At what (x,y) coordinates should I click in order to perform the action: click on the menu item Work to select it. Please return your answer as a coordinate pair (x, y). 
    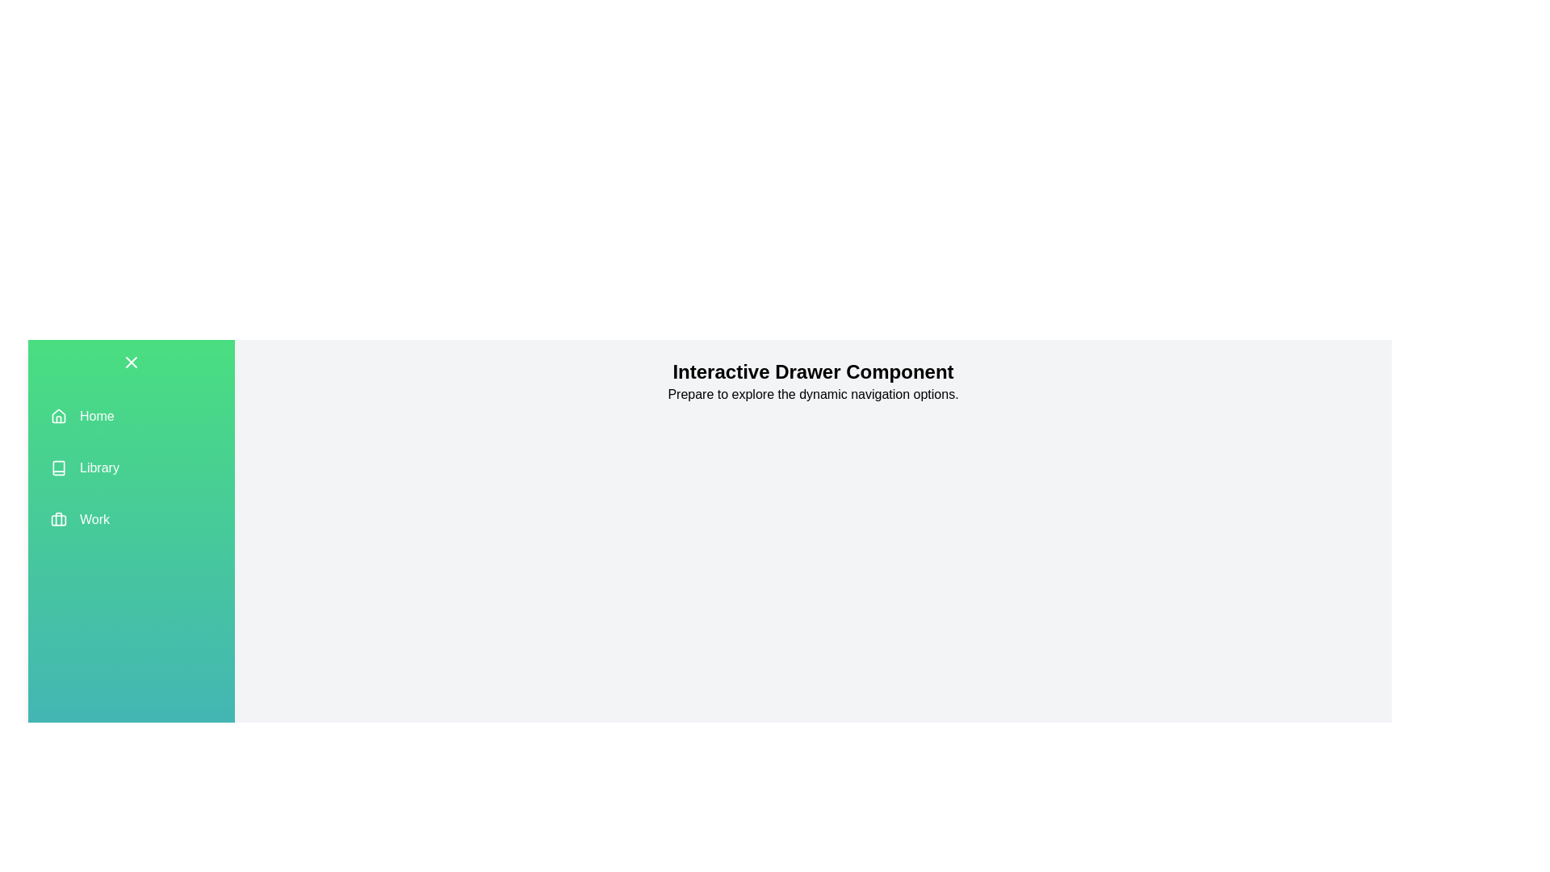
    Looking at the image, I should click on (132, 520).